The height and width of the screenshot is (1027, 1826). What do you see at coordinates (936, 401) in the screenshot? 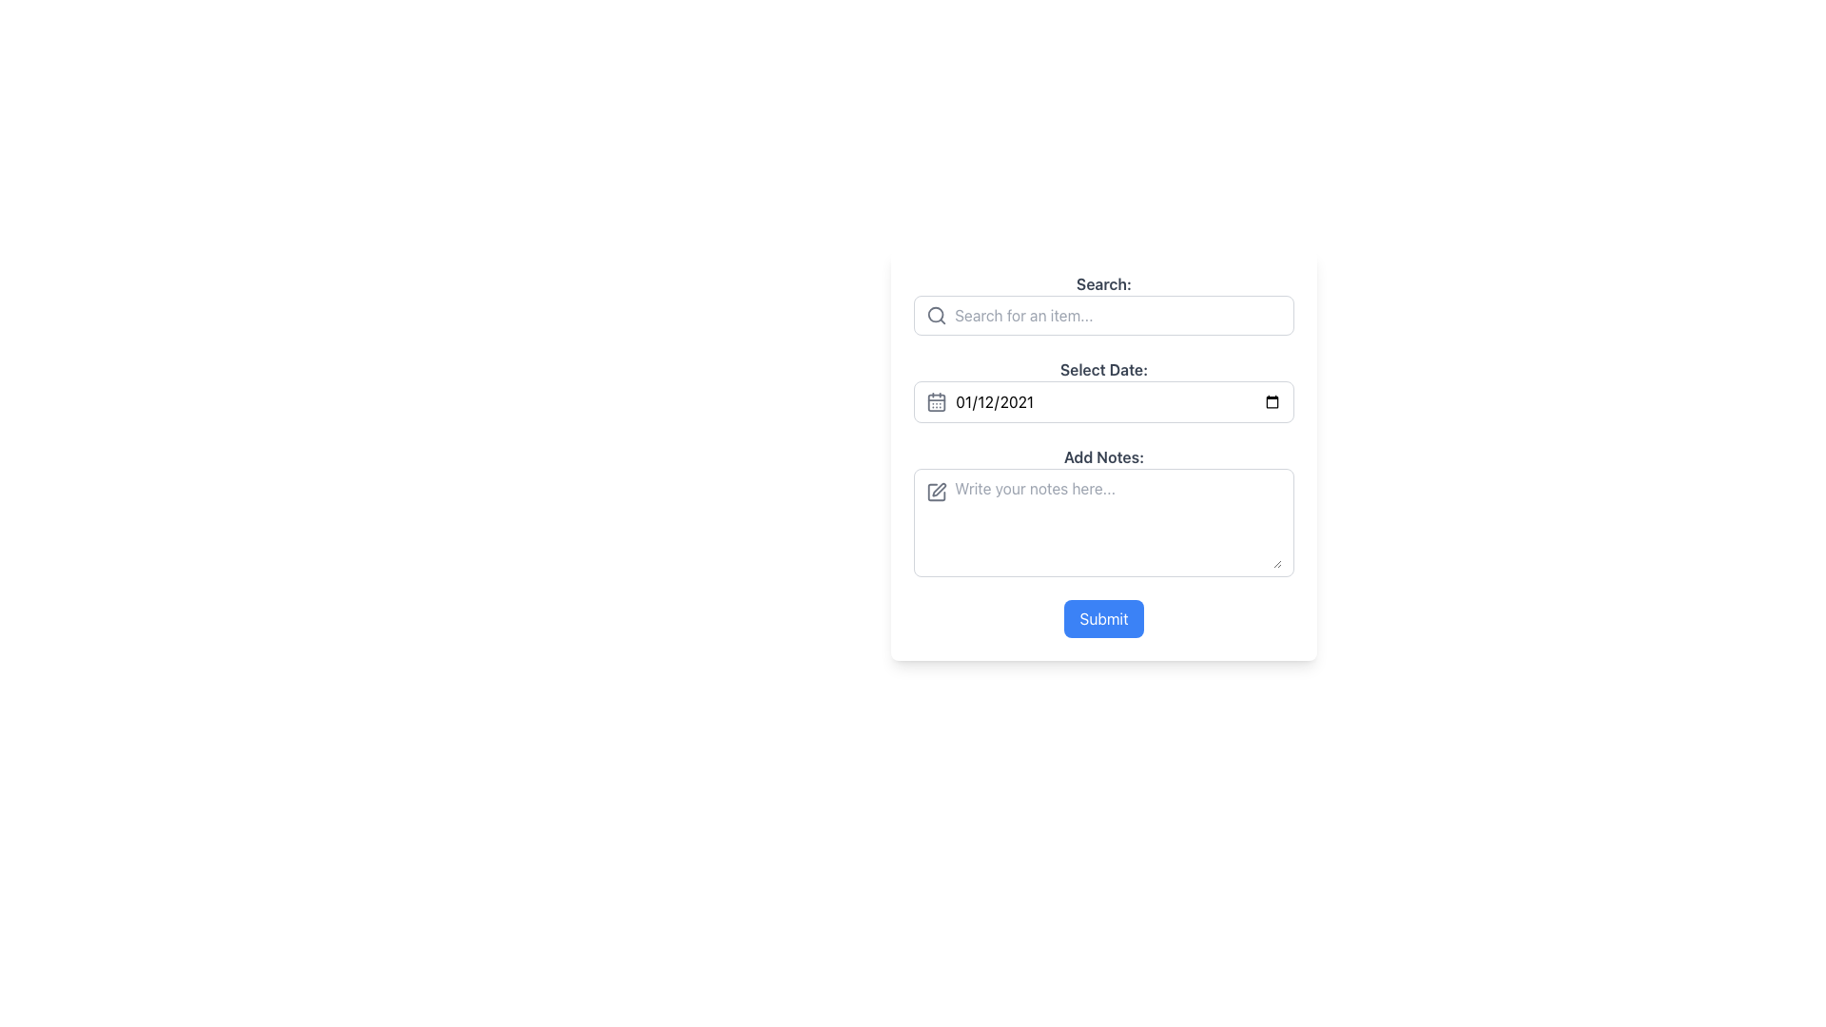
I see `the calendar icon located to the left of the displayed date value ('01/12/2021') in the 'Select Date' field` at bounding box center [936, 401].